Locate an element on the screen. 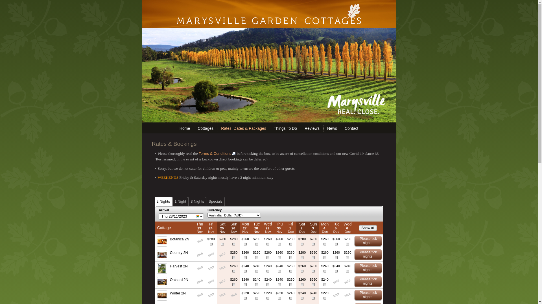 Image resolution: width=542 pixels, height=304 pixels. 'Rates, Dates & Packages' is located at coordinates (244, 128).